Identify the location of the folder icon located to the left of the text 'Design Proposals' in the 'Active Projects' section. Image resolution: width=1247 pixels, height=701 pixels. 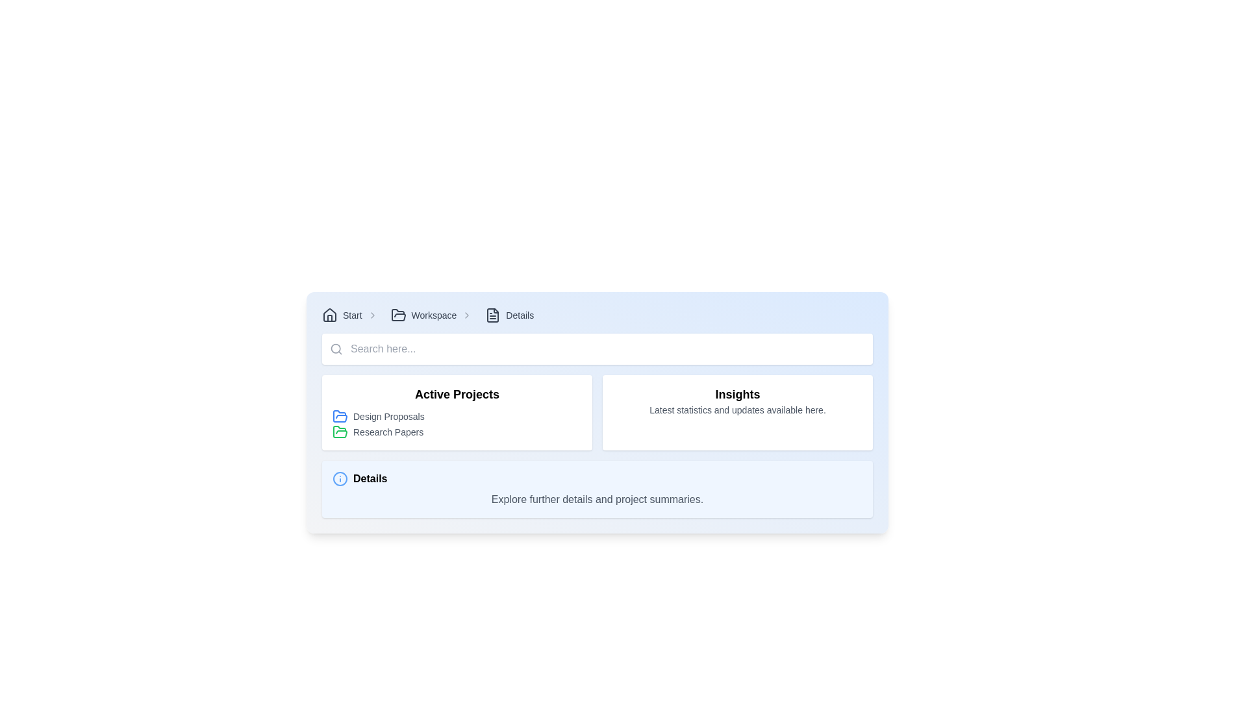
(340, 416).